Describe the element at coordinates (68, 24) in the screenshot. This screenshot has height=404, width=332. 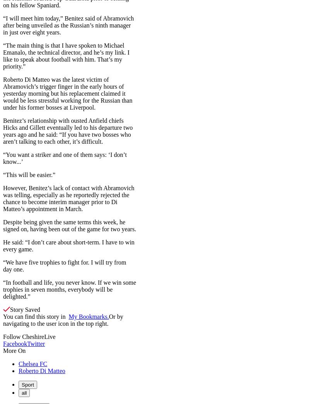
I see `'“I will meet him today,” Benitez said of Abramovich after being unveiled as the Russian’s ninth manager in just over eight years.'` at that location.